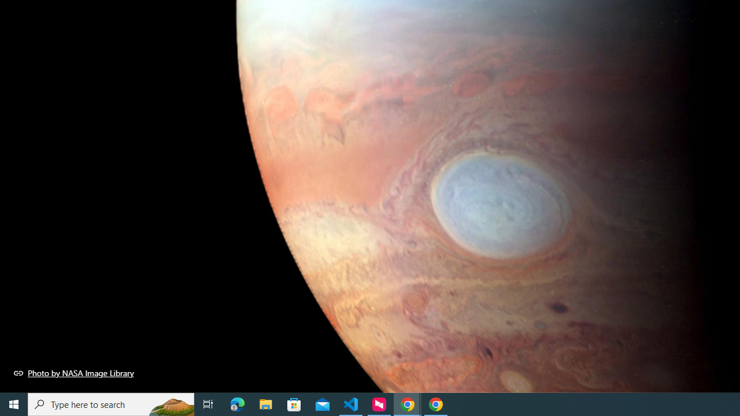 This screenshot has height=416, width=740. What do you see at coordinates (73, 373) in the screenshot?
I see `'Photo by NASA Image Library'` at bounding box center [73, 373].